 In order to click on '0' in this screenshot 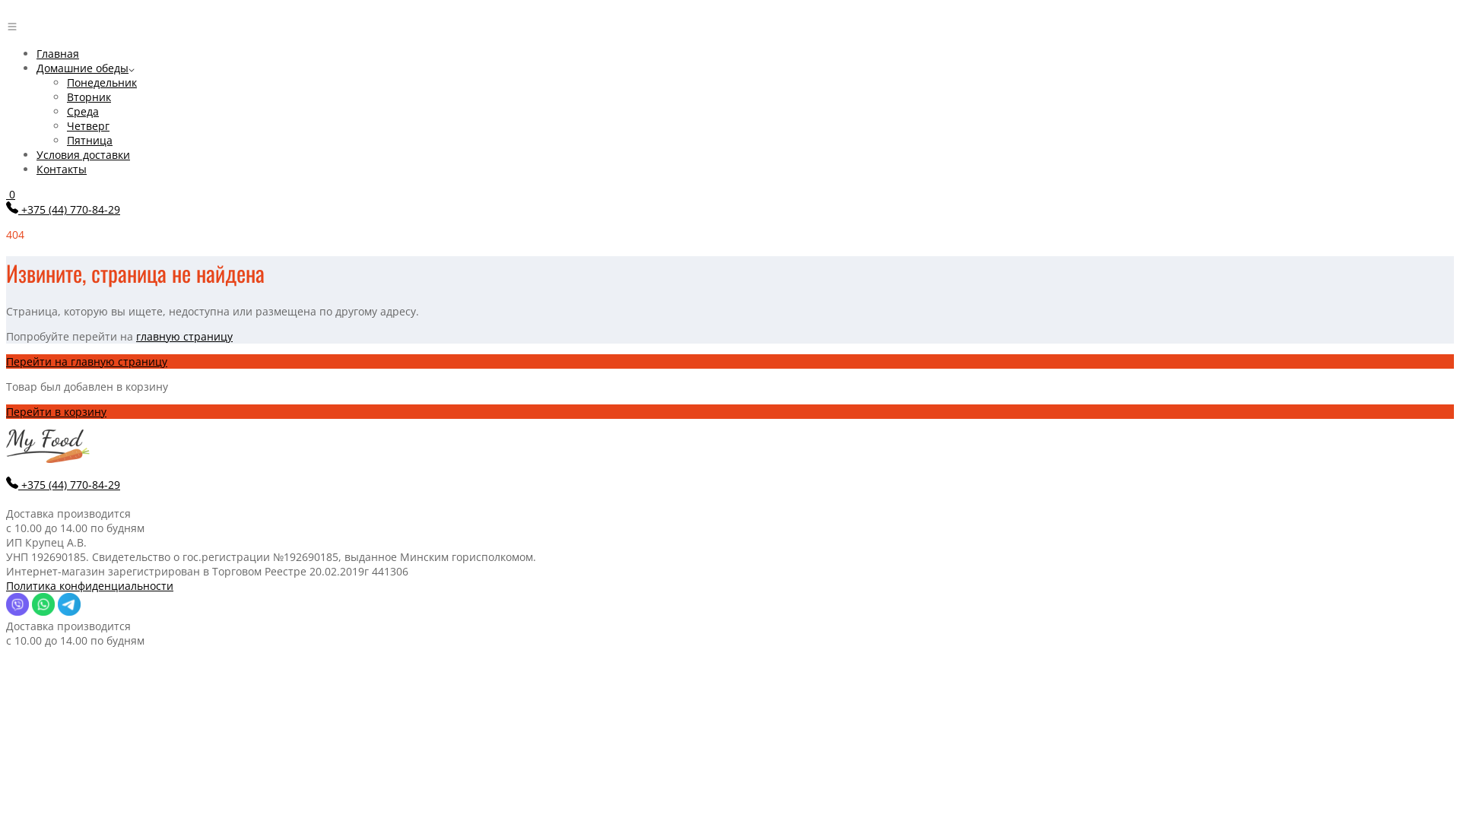, I will do `click(11, 193)`.